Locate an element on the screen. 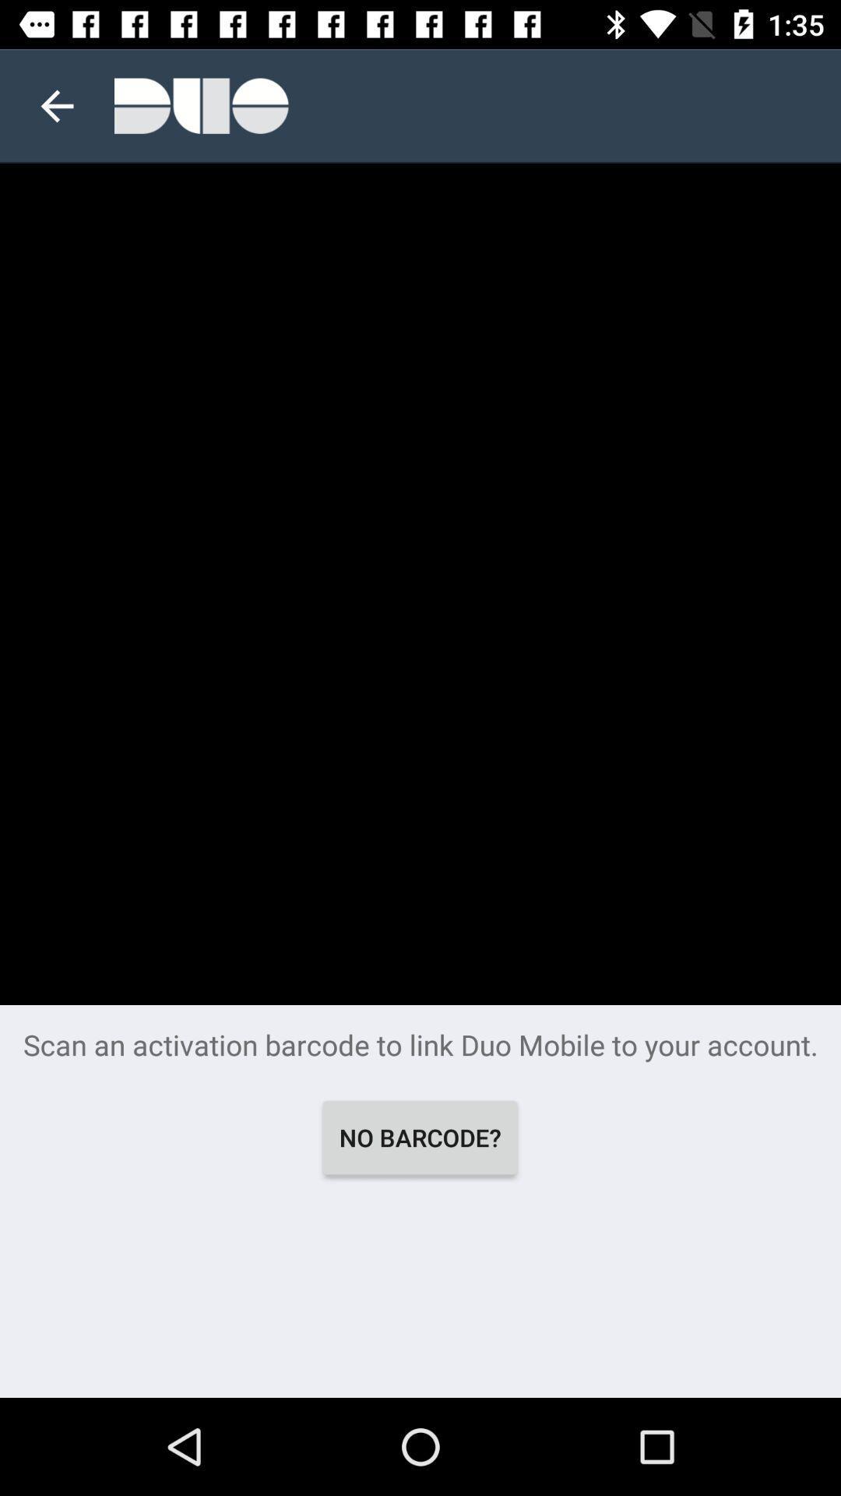  no barcode? icon is located at coordinates (419, 1138).